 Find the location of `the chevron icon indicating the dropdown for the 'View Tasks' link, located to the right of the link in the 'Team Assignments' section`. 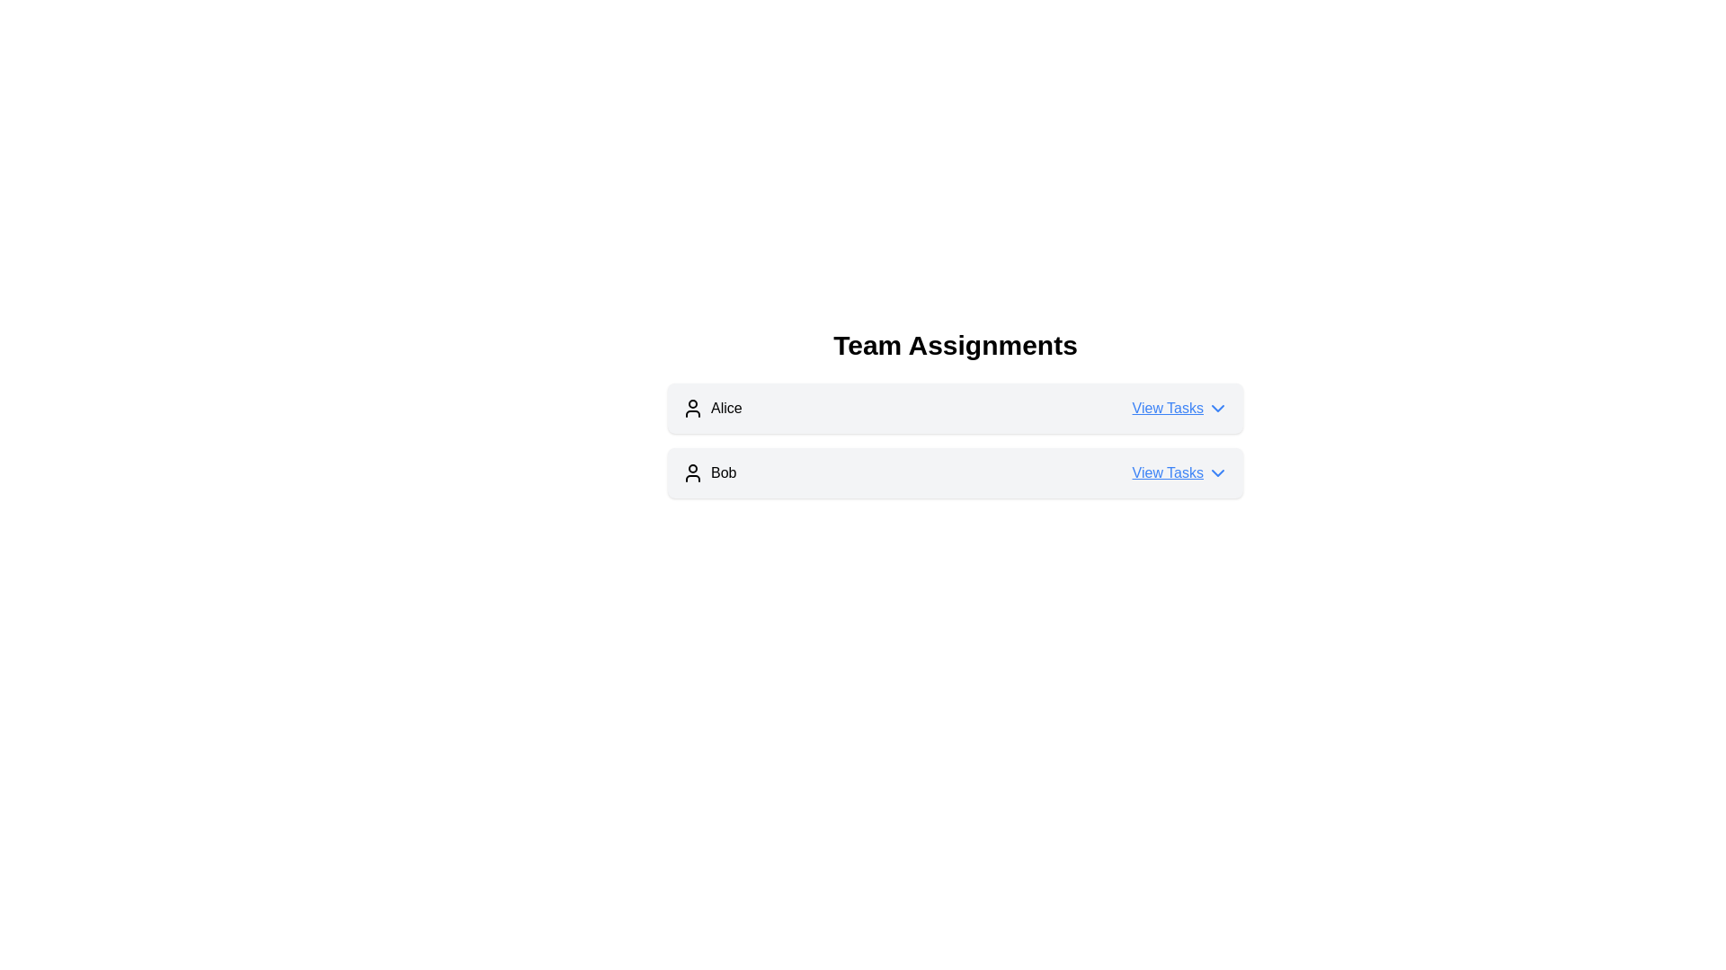

the chevron icon indicating the dropdown for the 'View Tasks' link, located to the right of the link in the 'Team Assignments' section is located at coordinates (1217, 472).